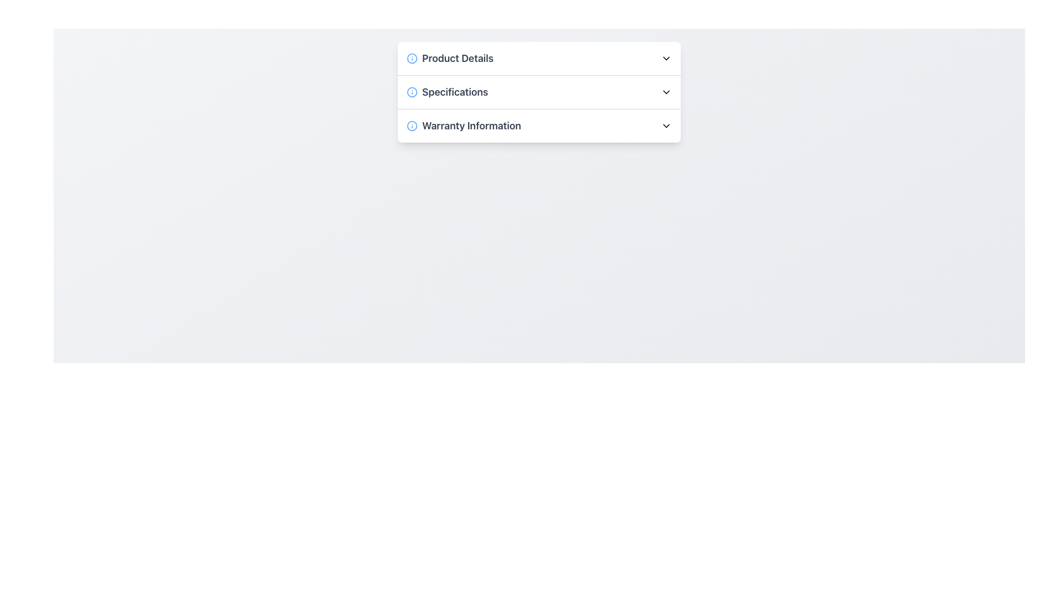  I want to click on the downward-facing chevron icon located to the right of the 'Warranty Information' text, so click(665, 125).